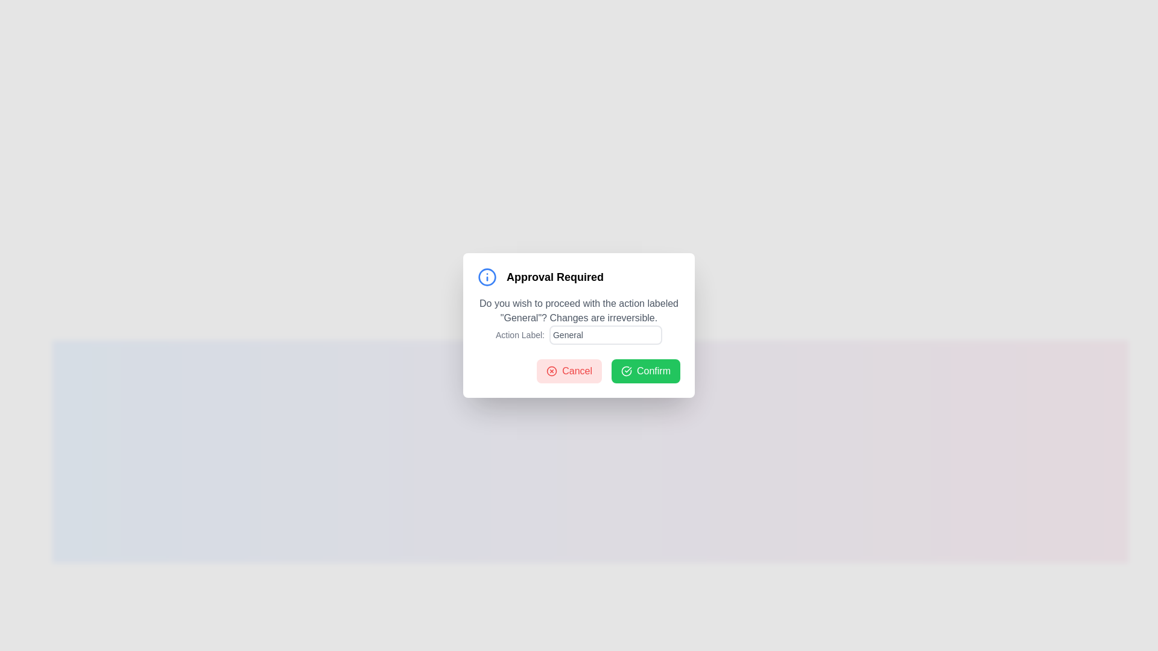 This screenshot has height=651, width=1158. I want to click on the static informational text that states 'Do you wish to proceed with the action labeled "General"? Changes are irreversible.' located at the top section of the modal window, so click(579, 310).